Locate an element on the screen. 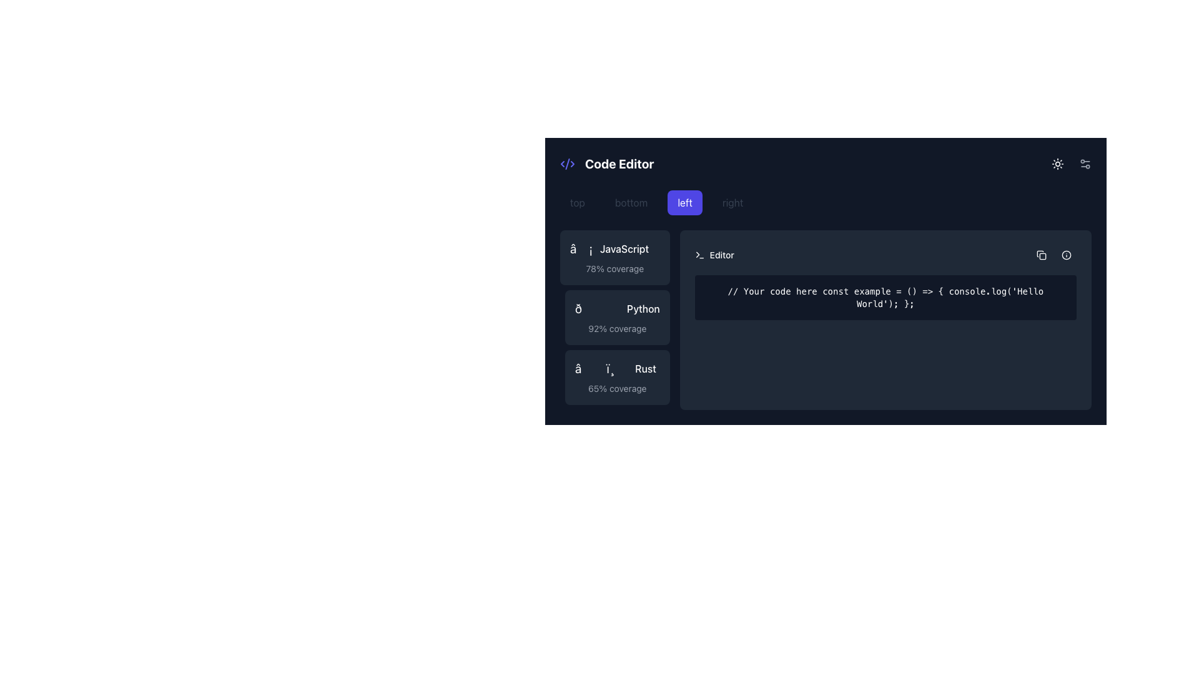 The height and width of the screenshot is (674, 1199). the small rectangular shape with rounded corners located within the SVG icon in the top-right of the code editor interface is located at coordinates (1043, 256).